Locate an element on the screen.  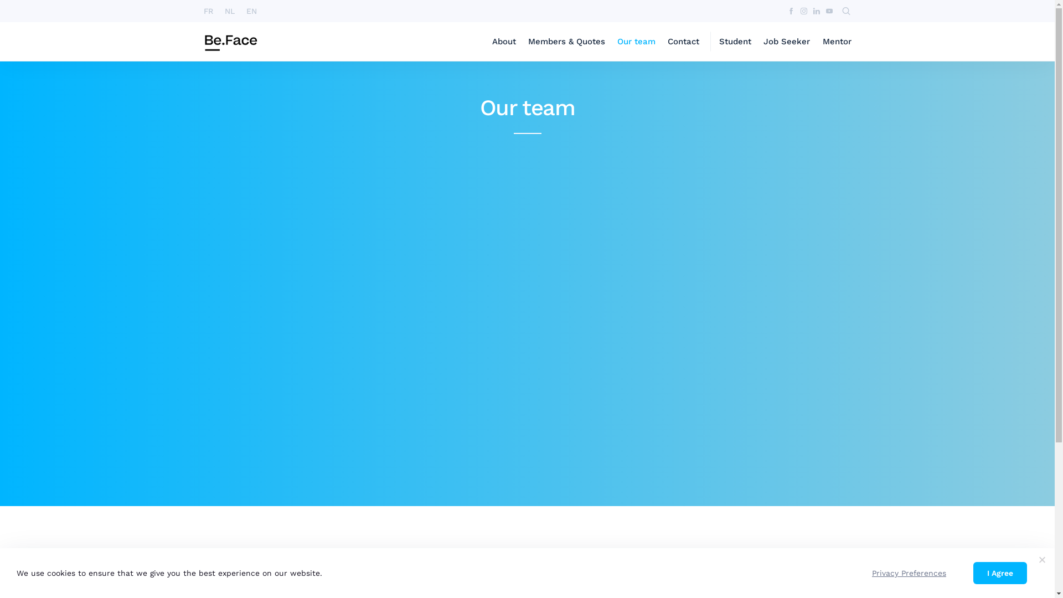
'NL' is located at coordinates (229, 11).